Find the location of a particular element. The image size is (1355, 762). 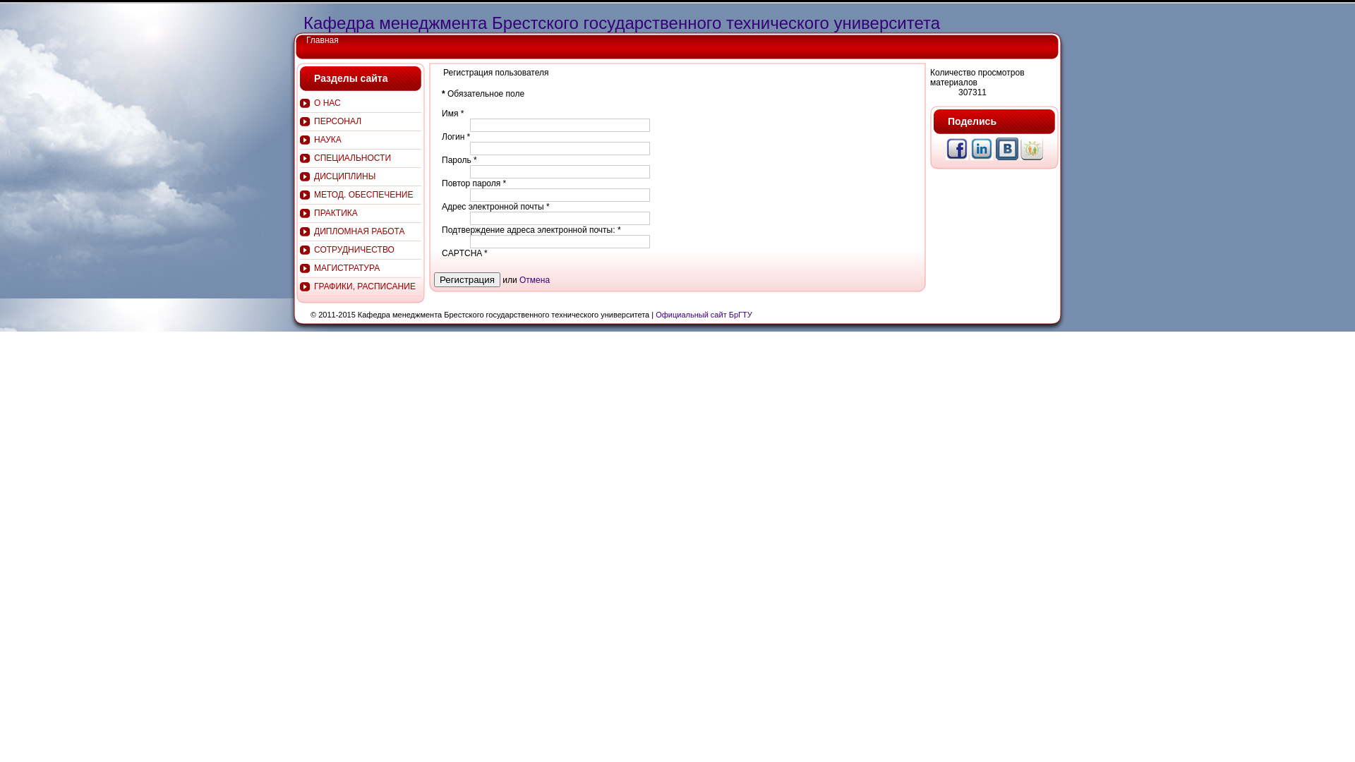

'MOD_MVSOCIALBUTTONS_SUBMIT' is located at coordinates (1007, 157).